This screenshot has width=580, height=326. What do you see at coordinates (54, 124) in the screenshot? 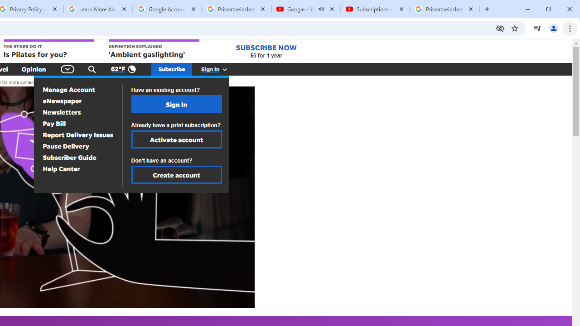
I see `'Pay Bill'` at bounding box center [54, 124].